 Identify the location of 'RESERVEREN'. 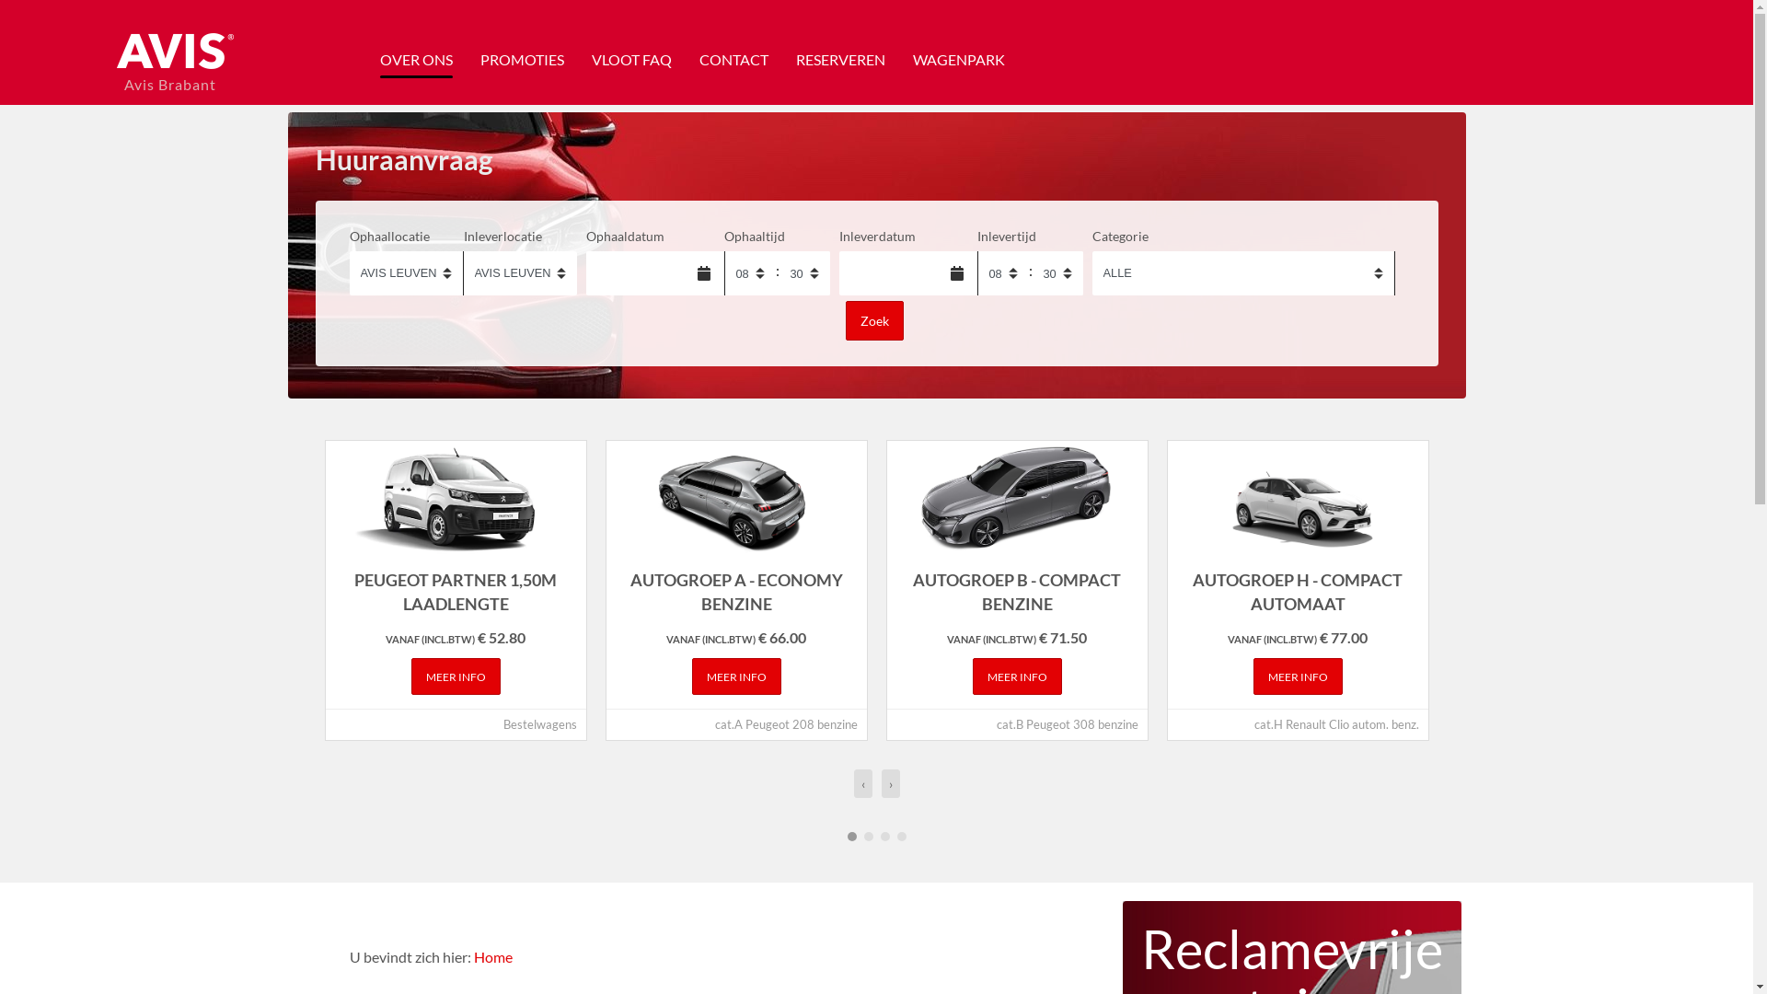
(838, 58).